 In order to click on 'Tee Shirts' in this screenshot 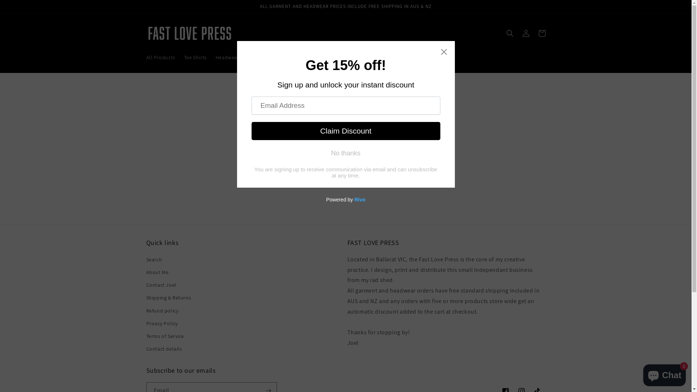, I will do `click(195, 57)`.